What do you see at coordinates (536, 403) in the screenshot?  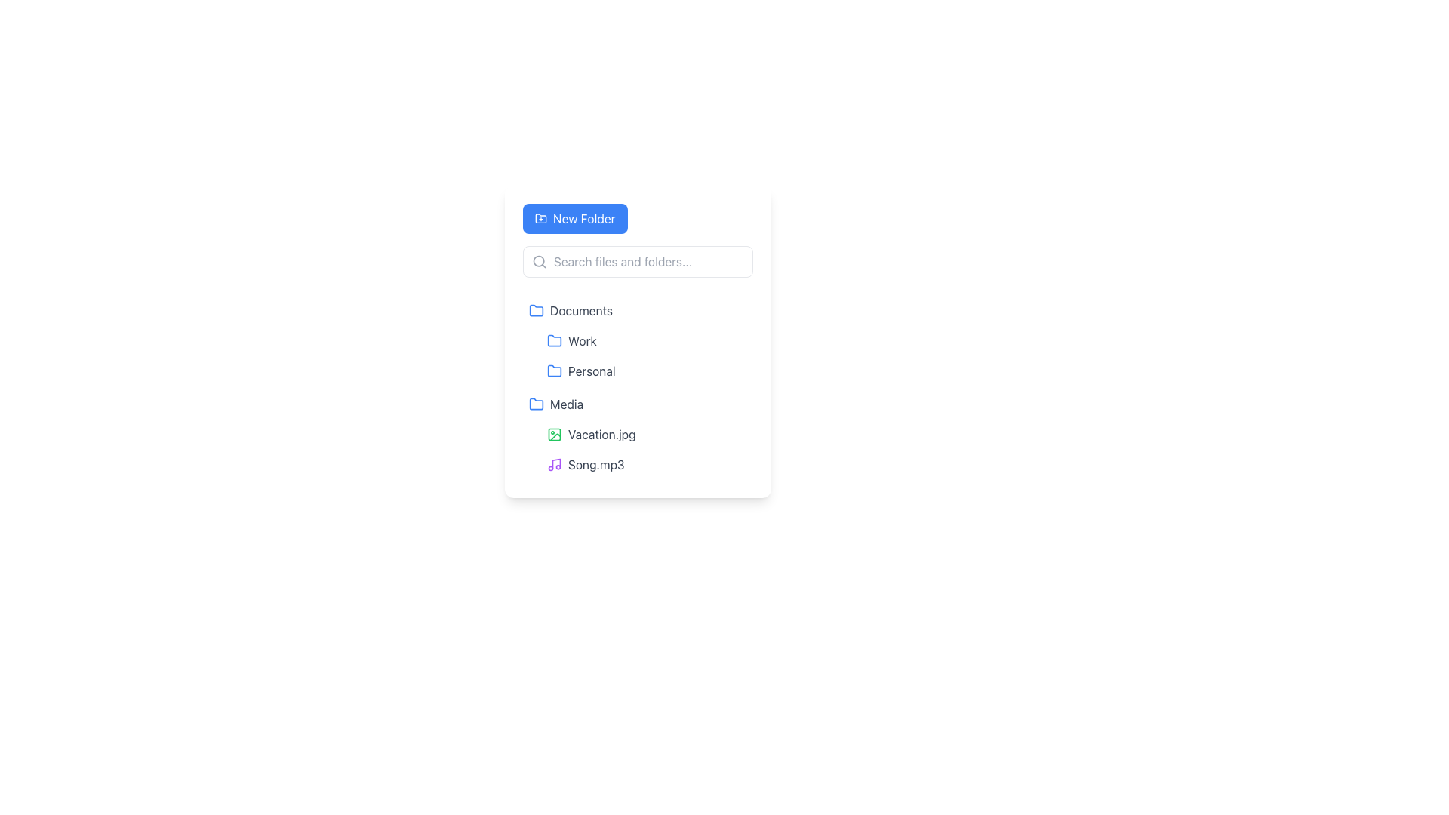 I see `the folder icon representing the 'Media' directory in the file explorer` at bounding box center [536, 403].